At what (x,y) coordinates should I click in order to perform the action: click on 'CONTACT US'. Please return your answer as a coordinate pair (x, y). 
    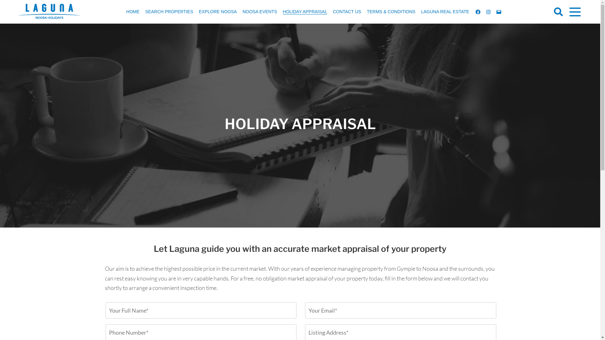
    Looking at the image, I should click on (346, 12).